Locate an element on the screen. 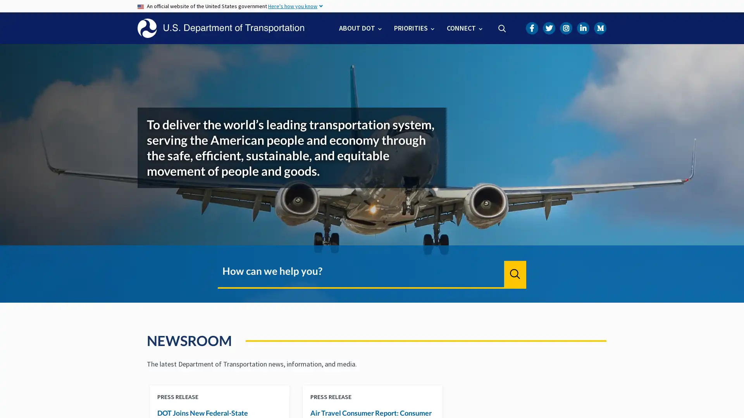 This screenshot has width=744, height=418. Search is located at coordinates (502, 28).